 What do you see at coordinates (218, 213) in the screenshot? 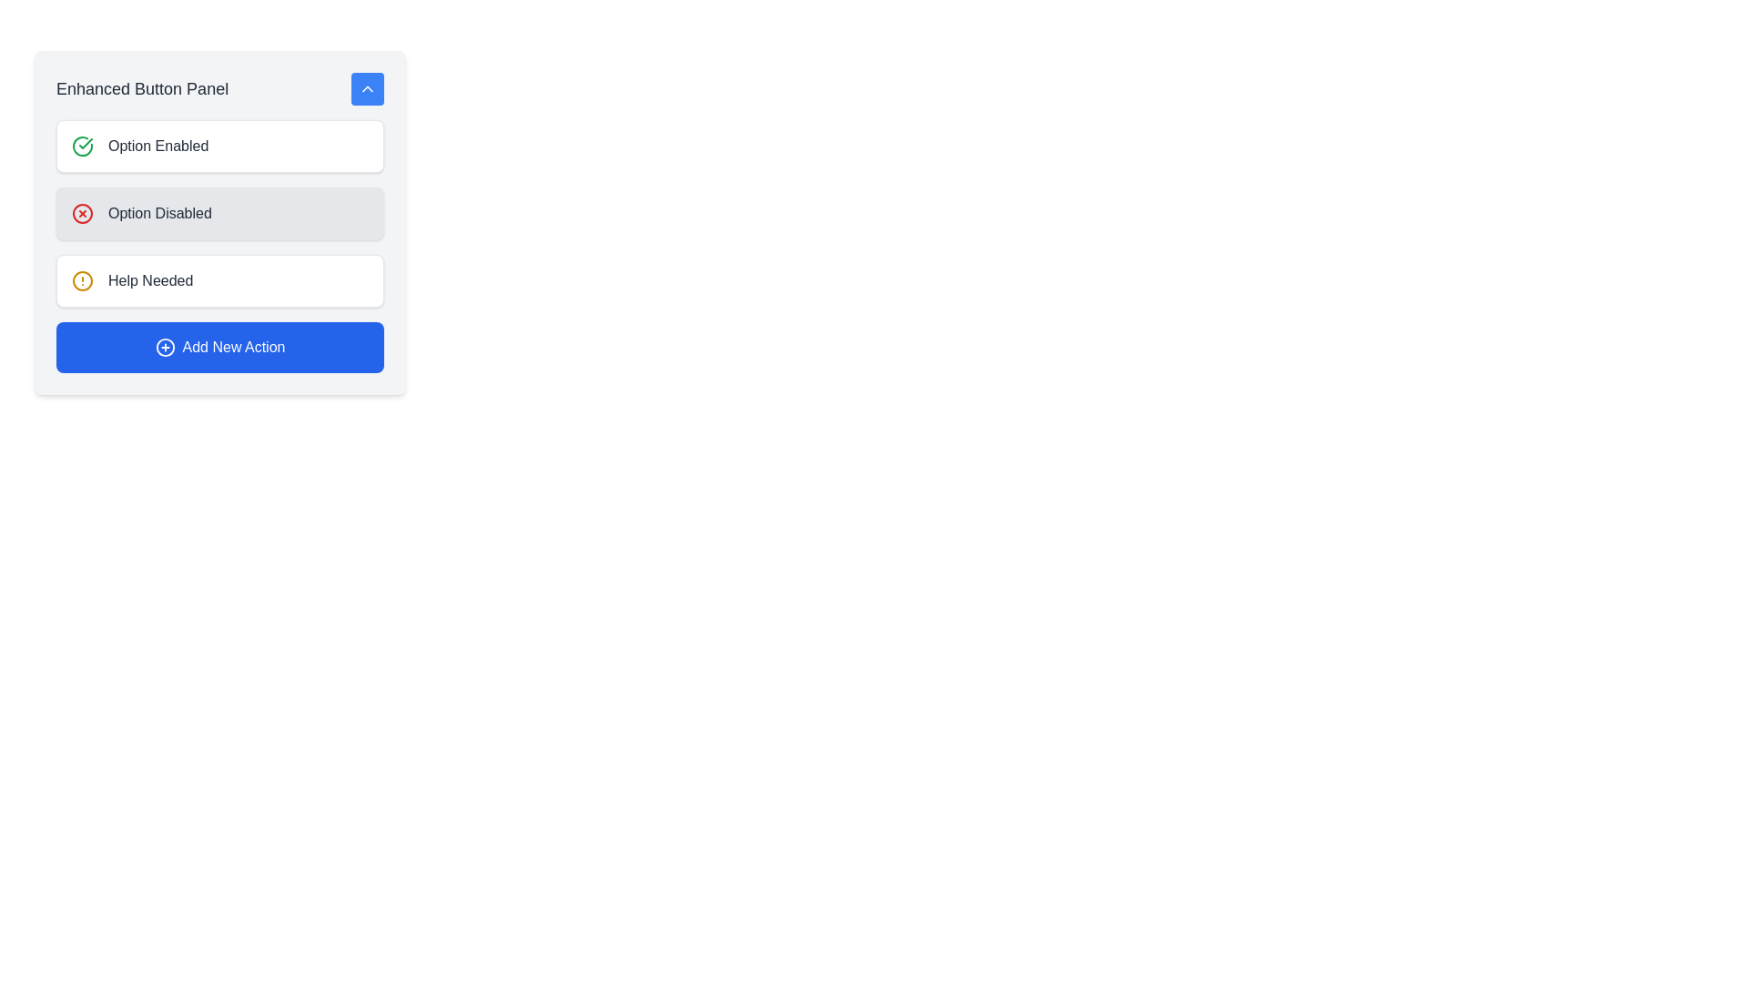
I see `the Information Display Section, which indicates a disabled option with a red icon and is located below the 'Option Enabled' section in the 'Enhanced Button Panel.'` at bounding box center [218, 213].